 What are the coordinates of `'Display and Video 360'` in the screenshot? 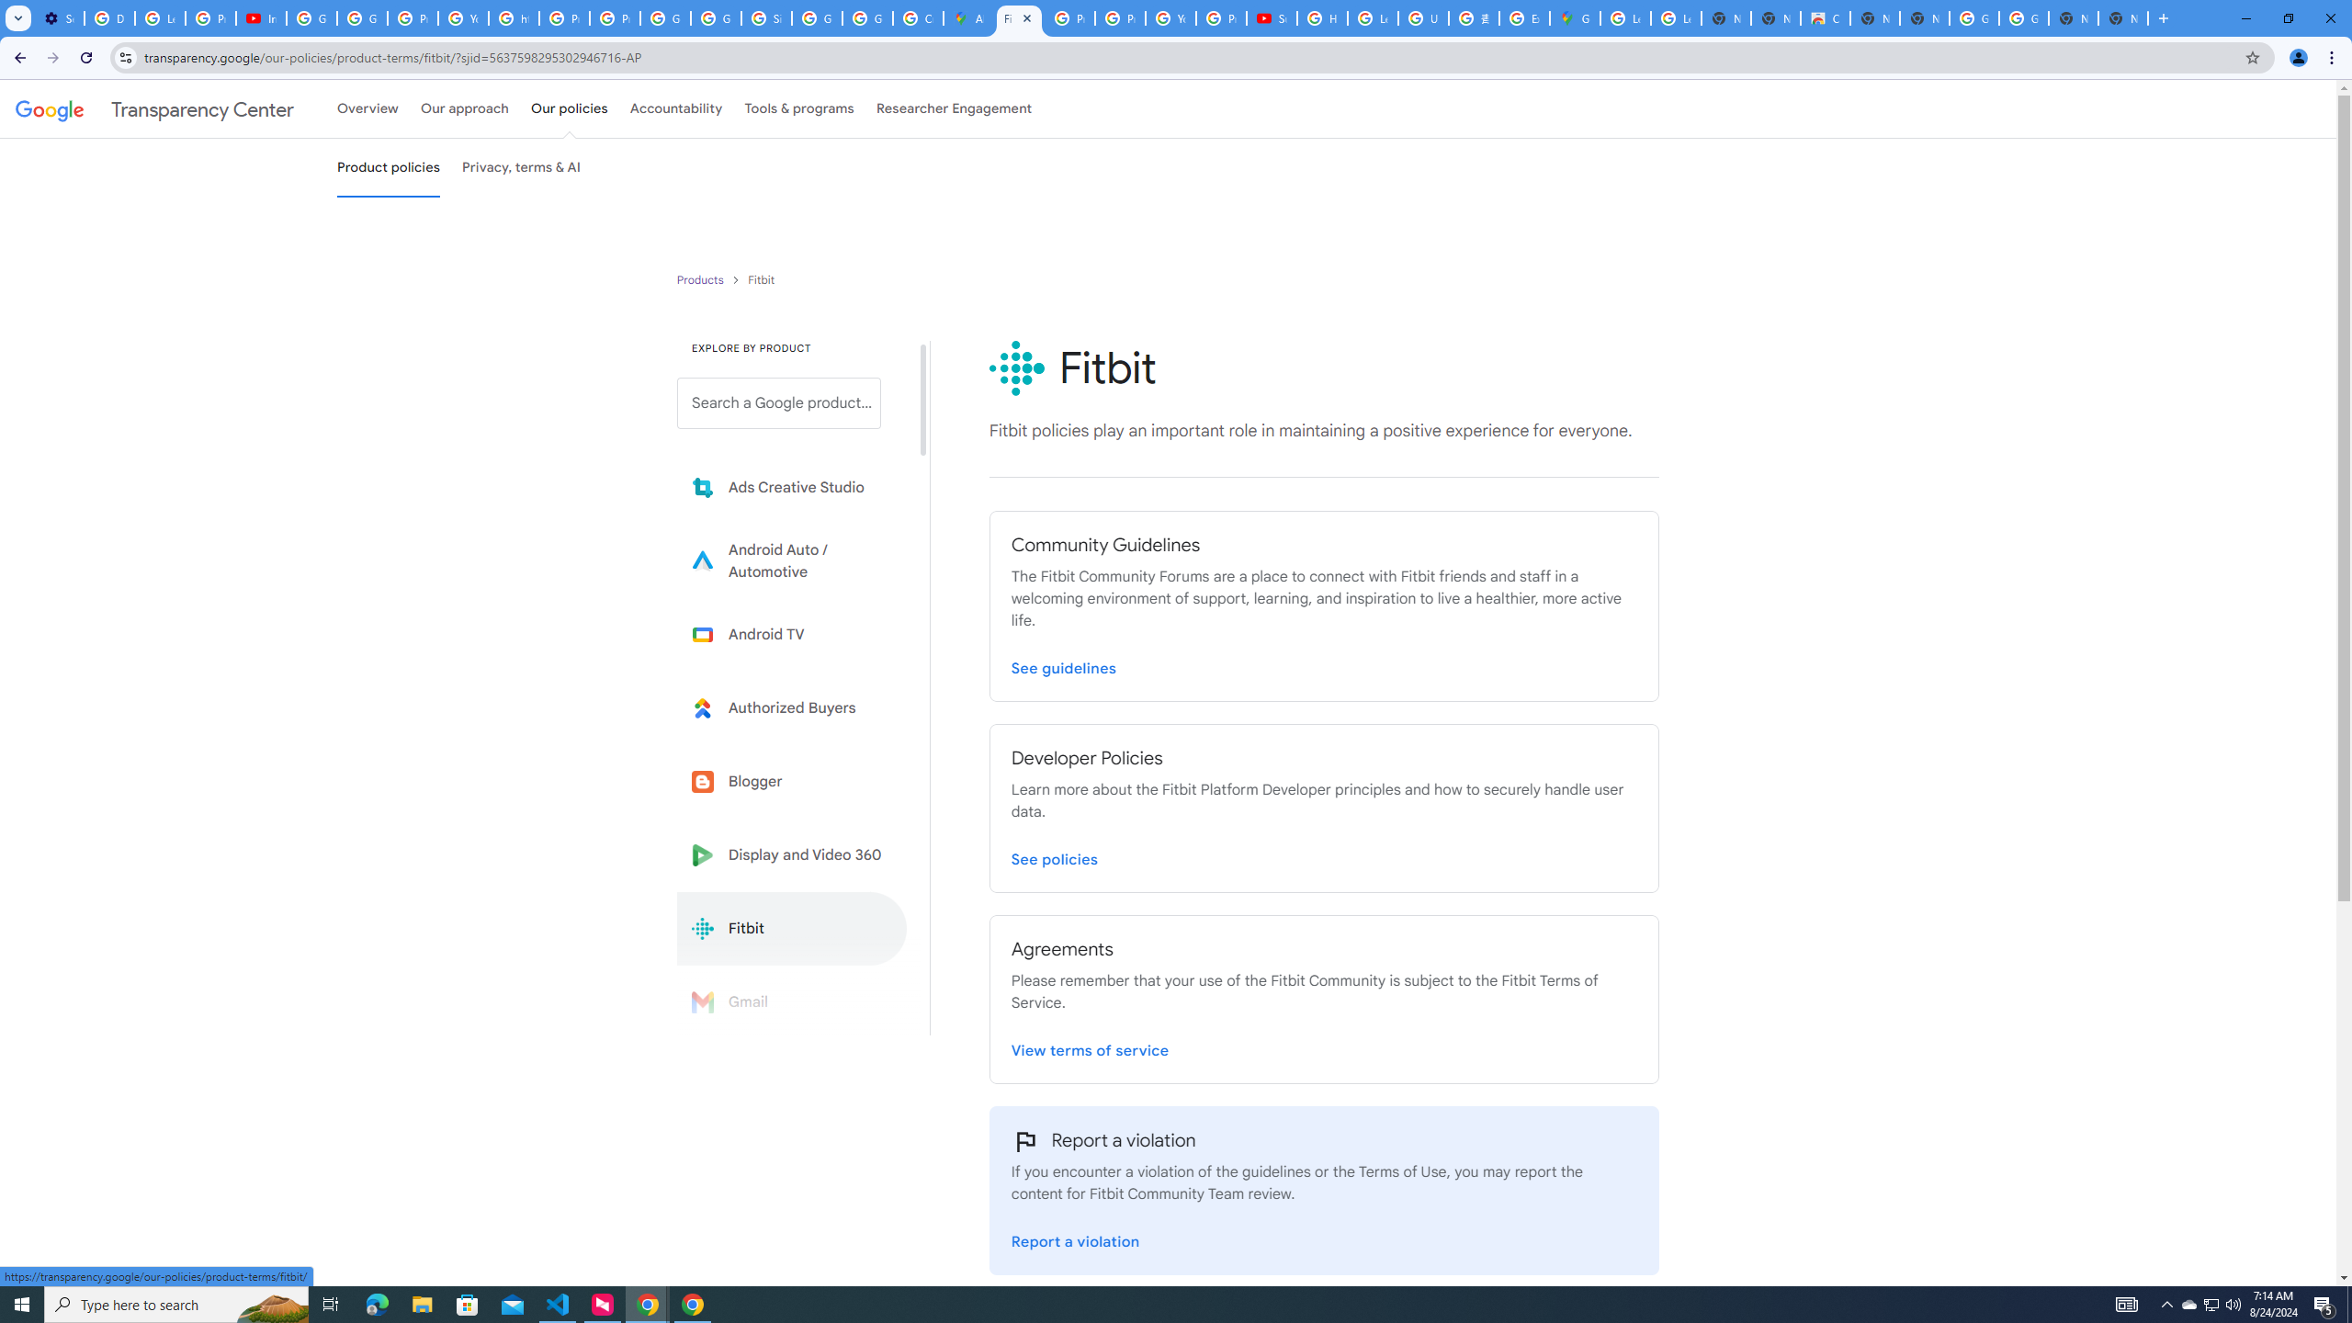 It's located at (791, 854).